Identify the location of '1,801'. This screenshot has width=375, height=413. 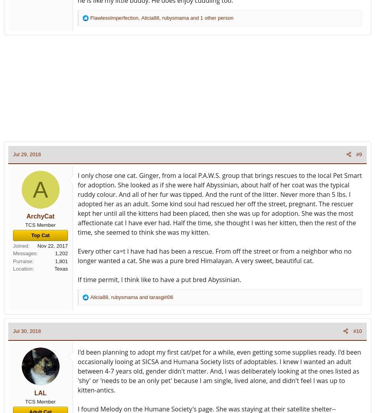
(61, 261).